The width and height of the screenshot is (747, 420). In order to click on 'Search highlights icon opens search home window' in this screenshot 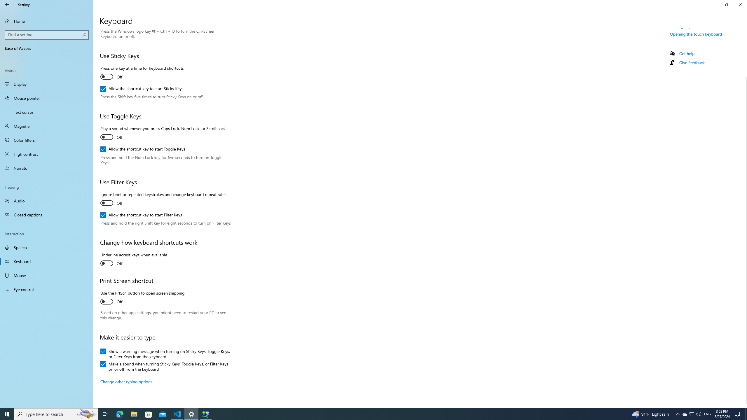, I will do `click(86, 414)`.